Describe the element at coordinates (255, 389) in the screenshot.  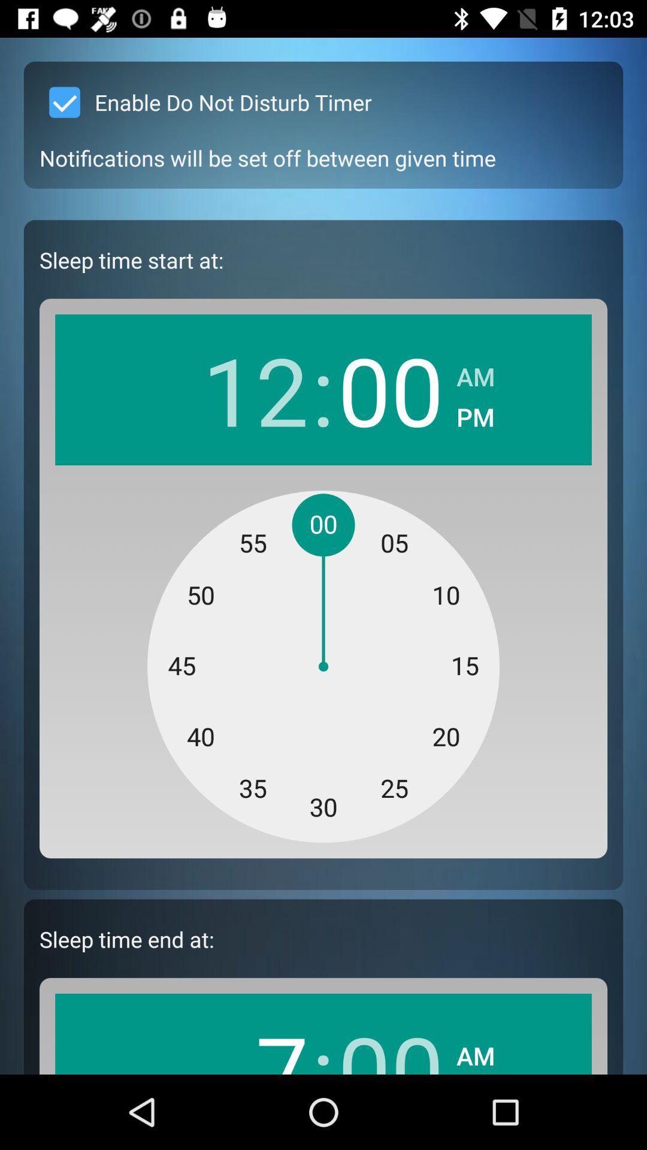
I see `the item below the sleep time start app` at that location.